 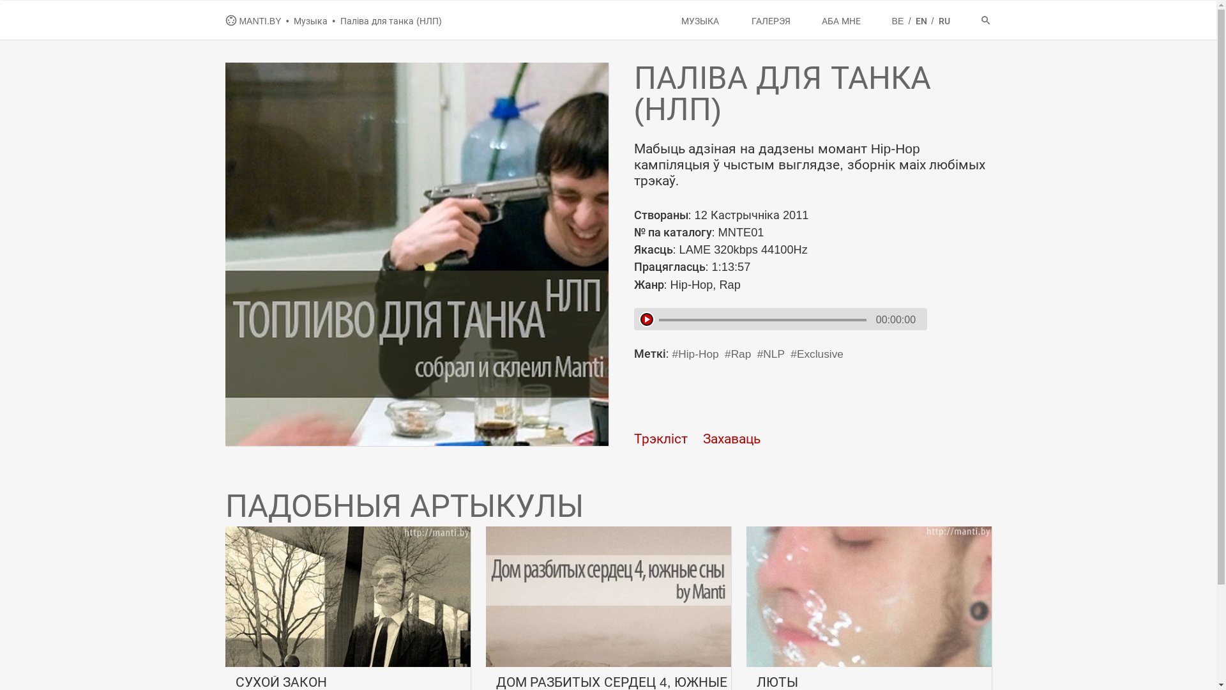 What do you see at coordinates (922, 21) in the screenshot?
I see `'EN'` at bounding box center [922, 21].